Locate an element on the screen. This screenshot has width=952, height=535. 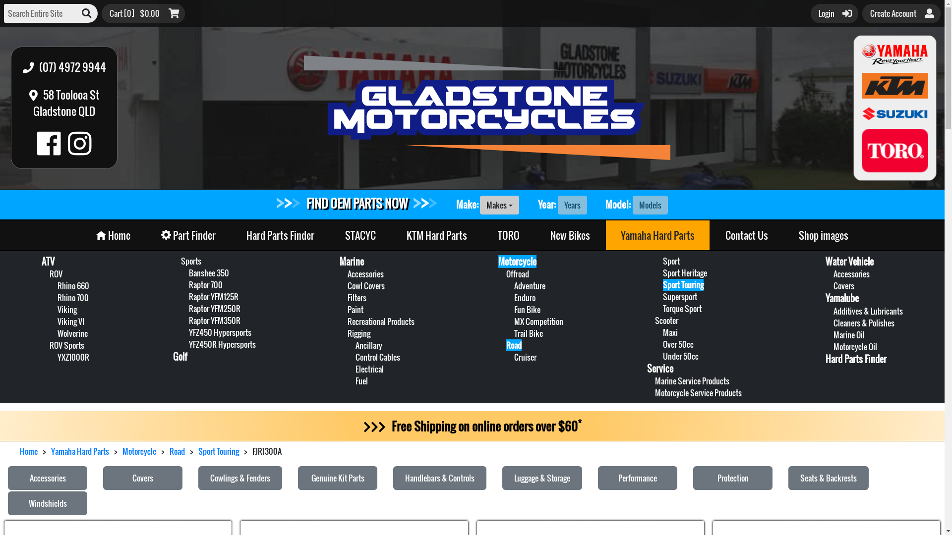
'ATV' is located at coordinates (41, 261).